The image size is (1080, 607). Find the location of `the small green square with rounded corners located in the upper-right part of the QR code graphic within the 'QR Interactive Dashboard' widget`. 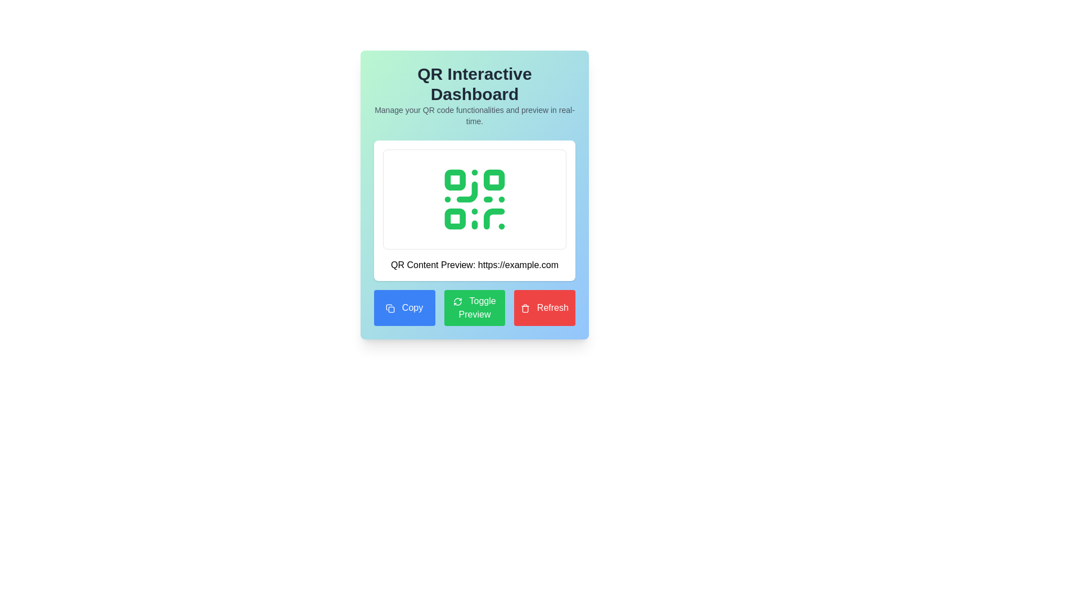

the small green square with rounded corners located in the upper-right part of the QR code graphic within the 'QR Interactive Dashboard' widget is located at coordinates (494, 179).